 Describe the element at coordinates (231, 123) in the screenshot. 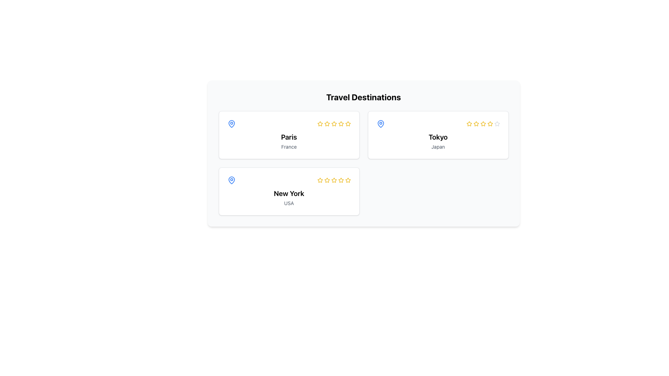

I see `the Icon that visually indicates the location associated with the 'Paris' card in the 'Travel Destinations' section, positioned in the top-left corner of the card` at that location.